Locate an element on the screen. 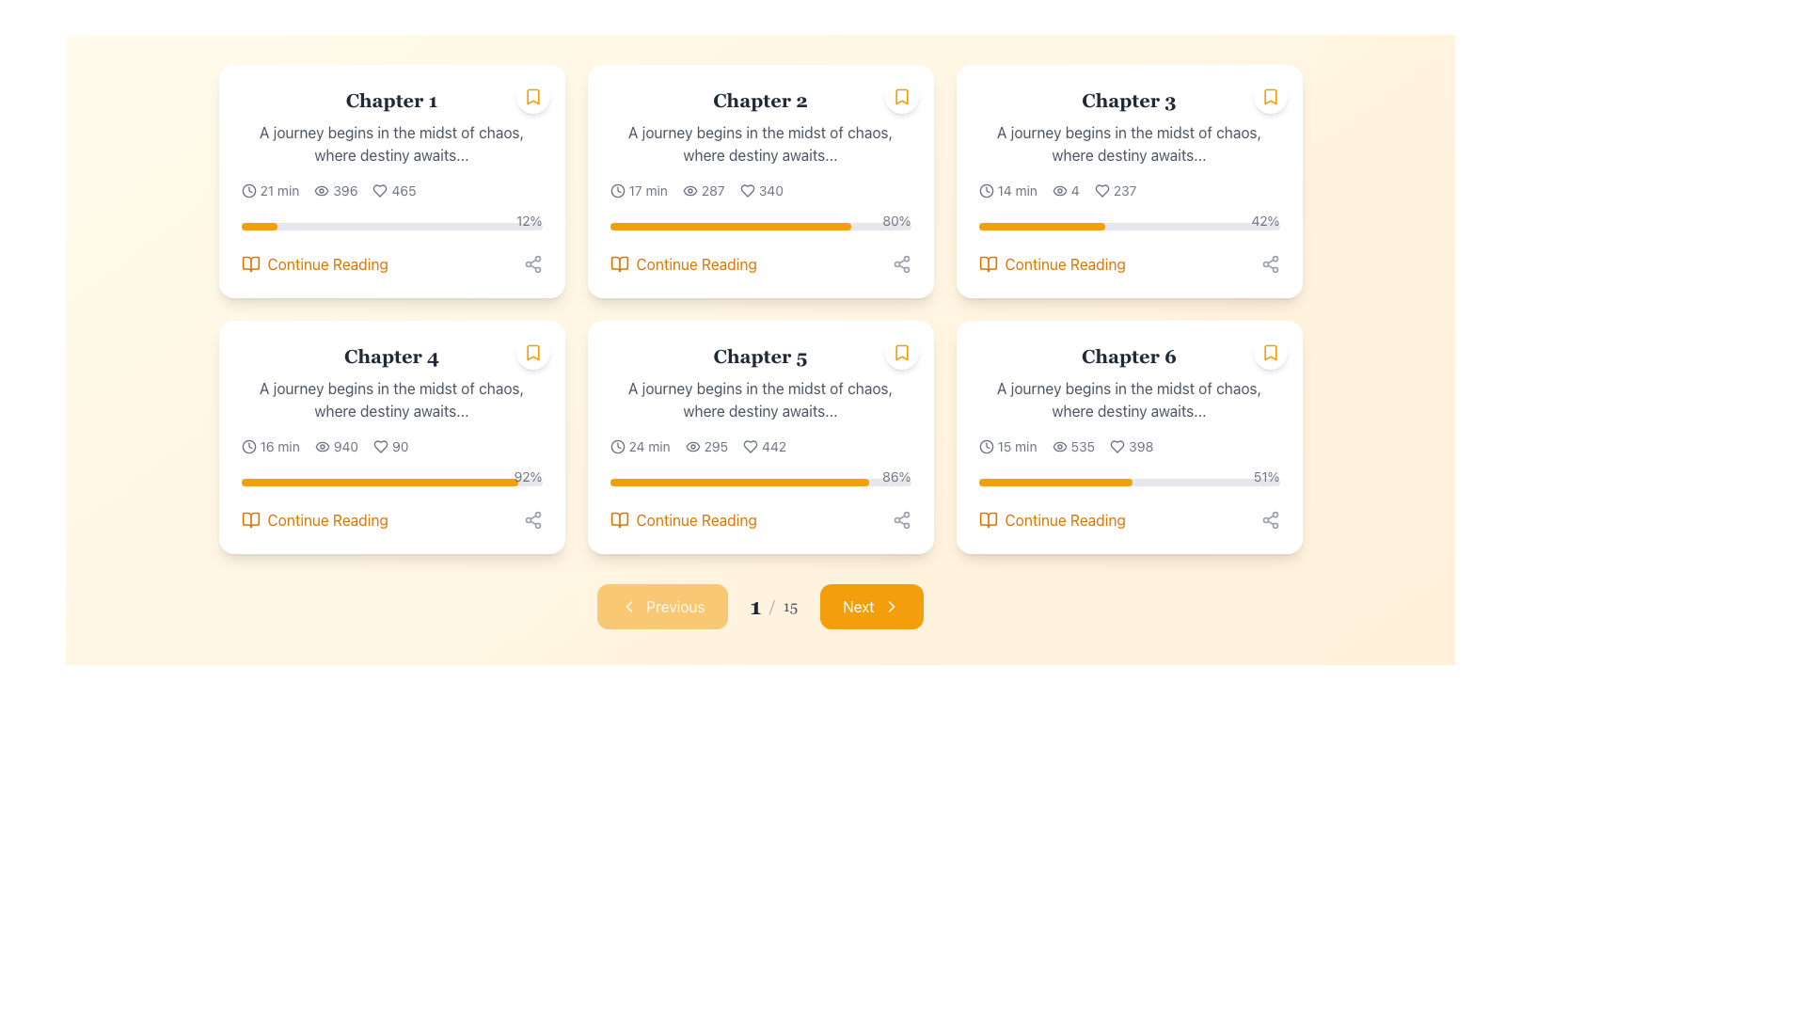  the header 'Chapter 5' is located at coordinates (760, 356).